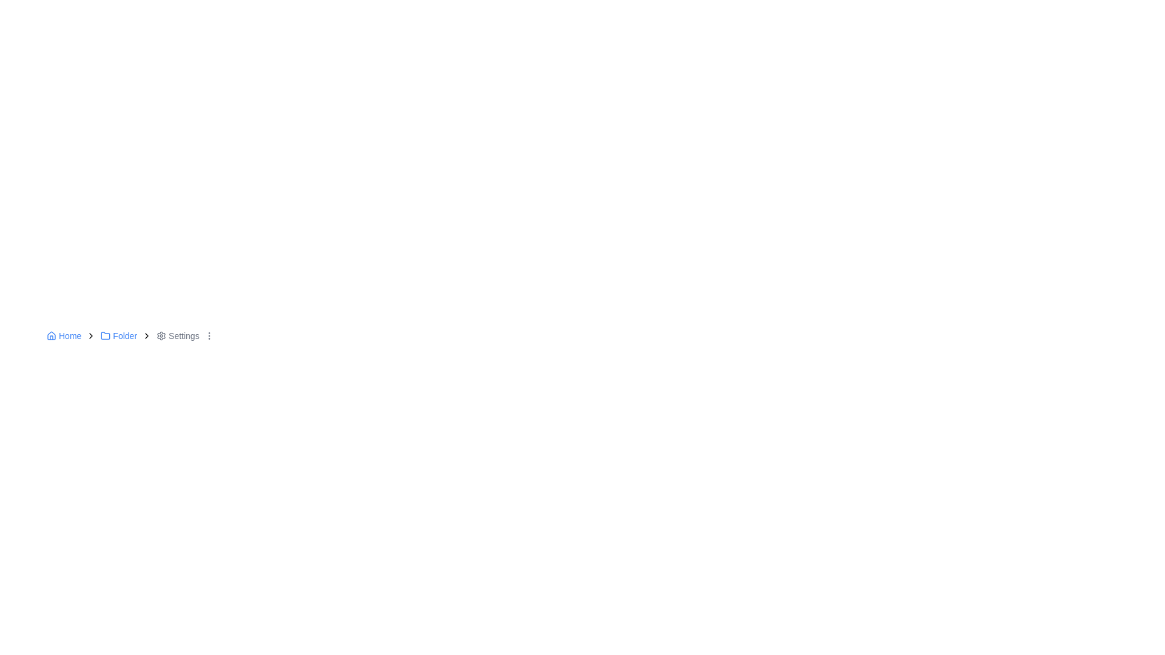 The height and width of the screenshot is (655, 1165). I want to click on the blue house icon in the breadcrumb navigation, so click(51, 336).